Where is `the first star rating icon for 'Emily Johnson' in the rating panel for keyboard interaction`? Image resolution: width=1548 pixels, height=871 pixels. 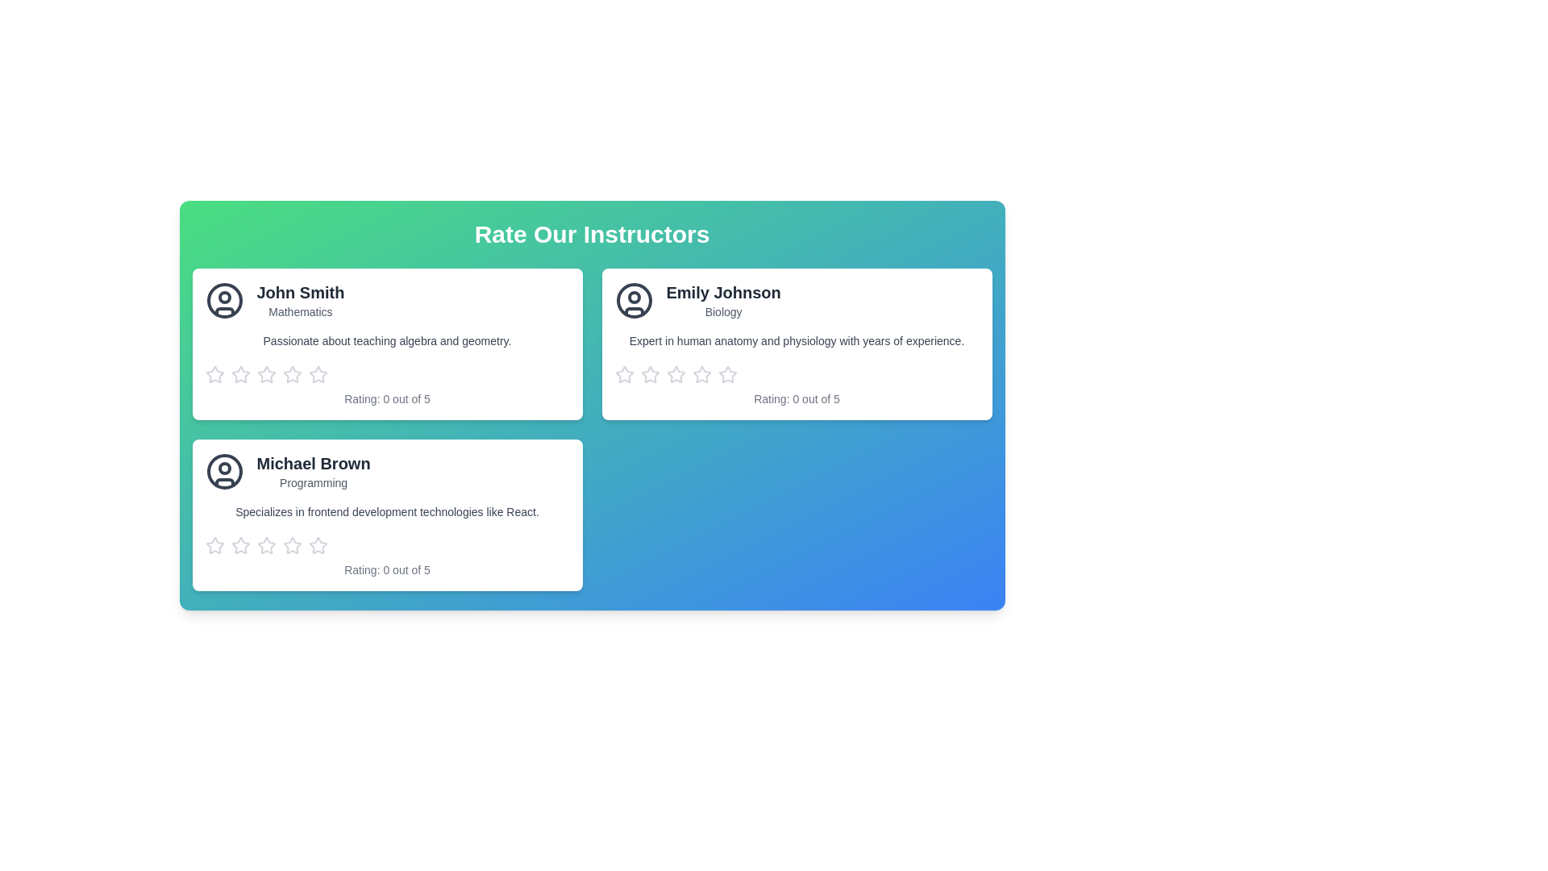 the first star rating icon for 'Emily Johnson' in the rating panel for keyboard interaction is located at coordinates (623, 375).